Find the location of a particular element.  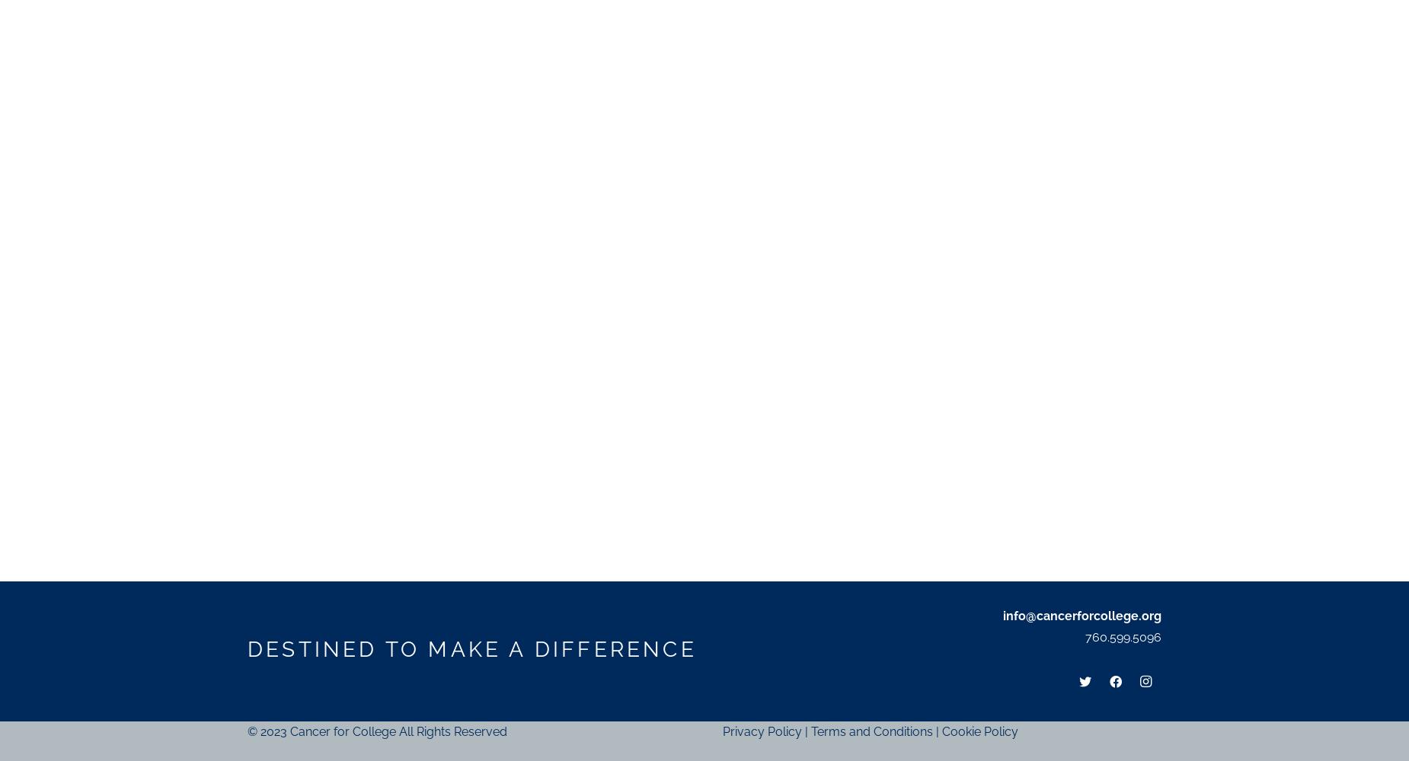

'Cookie Policy' is located at coordinates (941, 731).